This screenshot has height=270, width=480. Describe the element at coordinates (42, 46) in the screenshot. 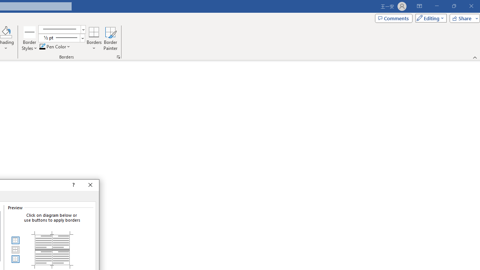

I see `'Pen Color RGB(0, 0, 0)'` at that location.